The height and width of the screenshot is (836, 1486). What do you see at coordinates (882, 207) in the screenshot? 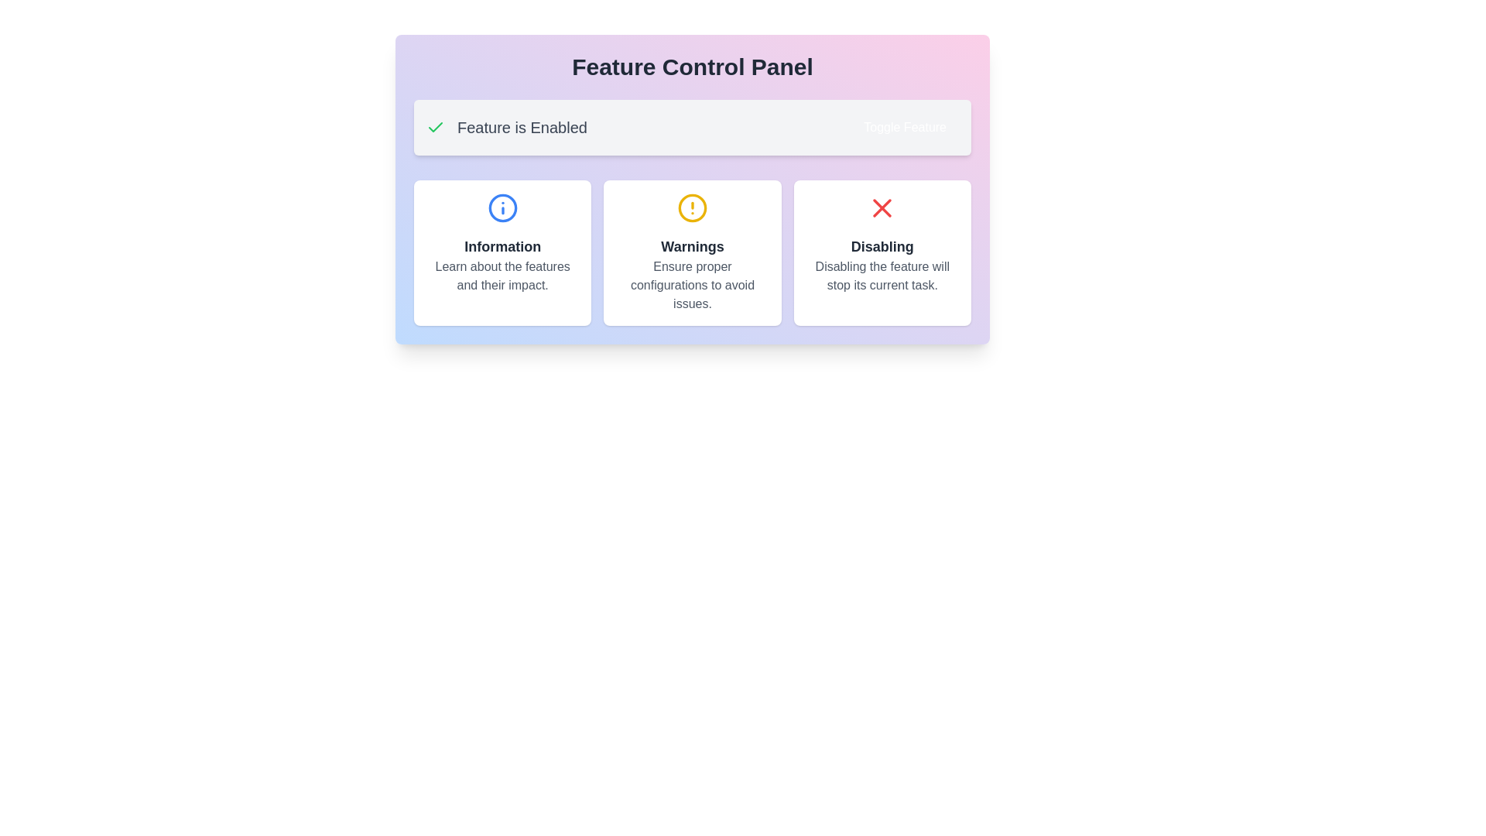
I see `the 'X' icon in the third column above the 'Disabling' section, which indicates a delete or close action` at bounding box center [882, 207].